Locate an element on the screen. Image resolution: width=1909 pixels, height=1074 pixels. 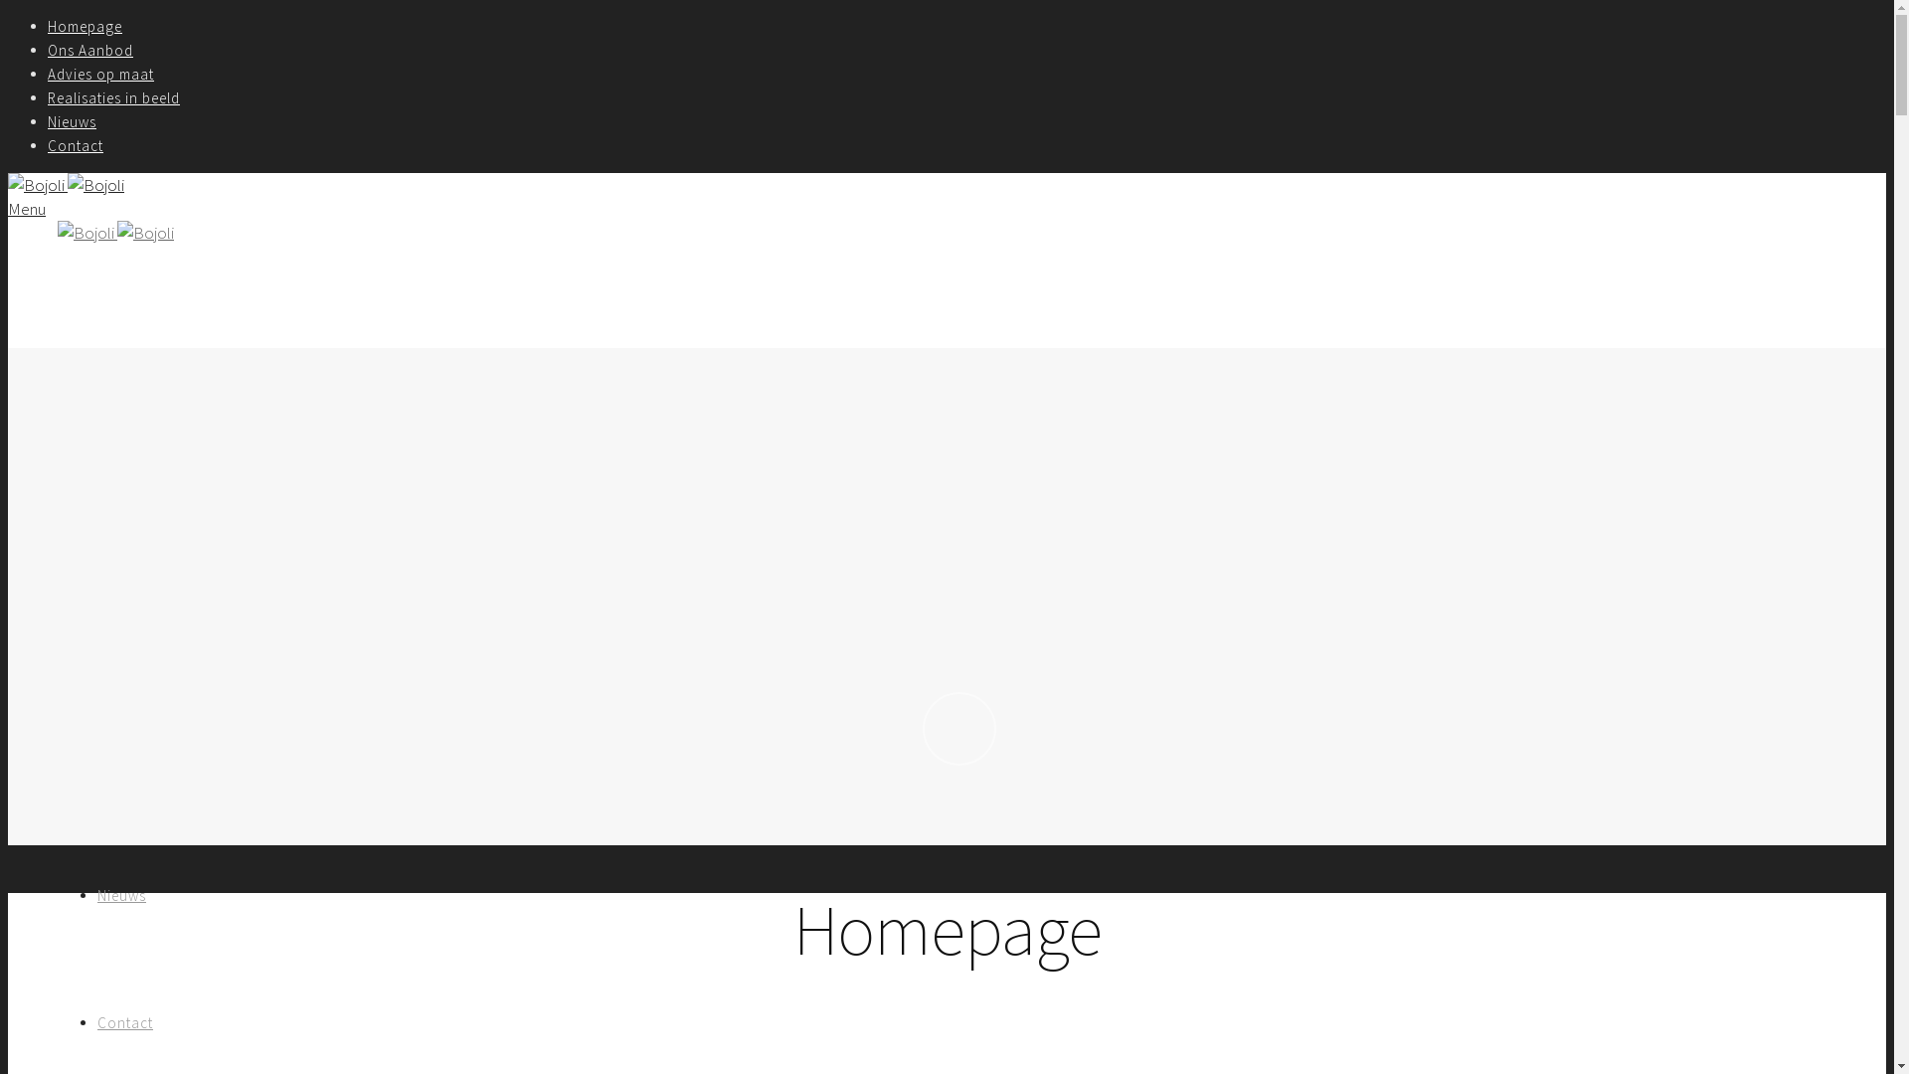
'Menu' is located at coordinates (27, 208).